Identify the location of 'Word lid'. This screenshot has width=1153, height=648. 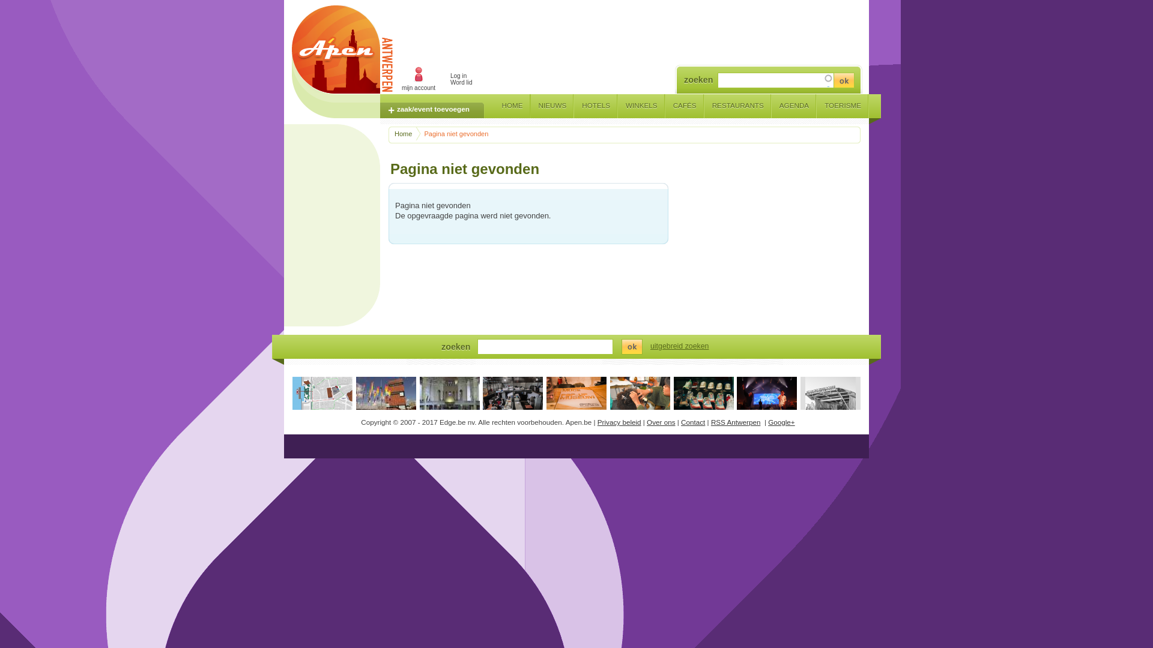
(461, 82).